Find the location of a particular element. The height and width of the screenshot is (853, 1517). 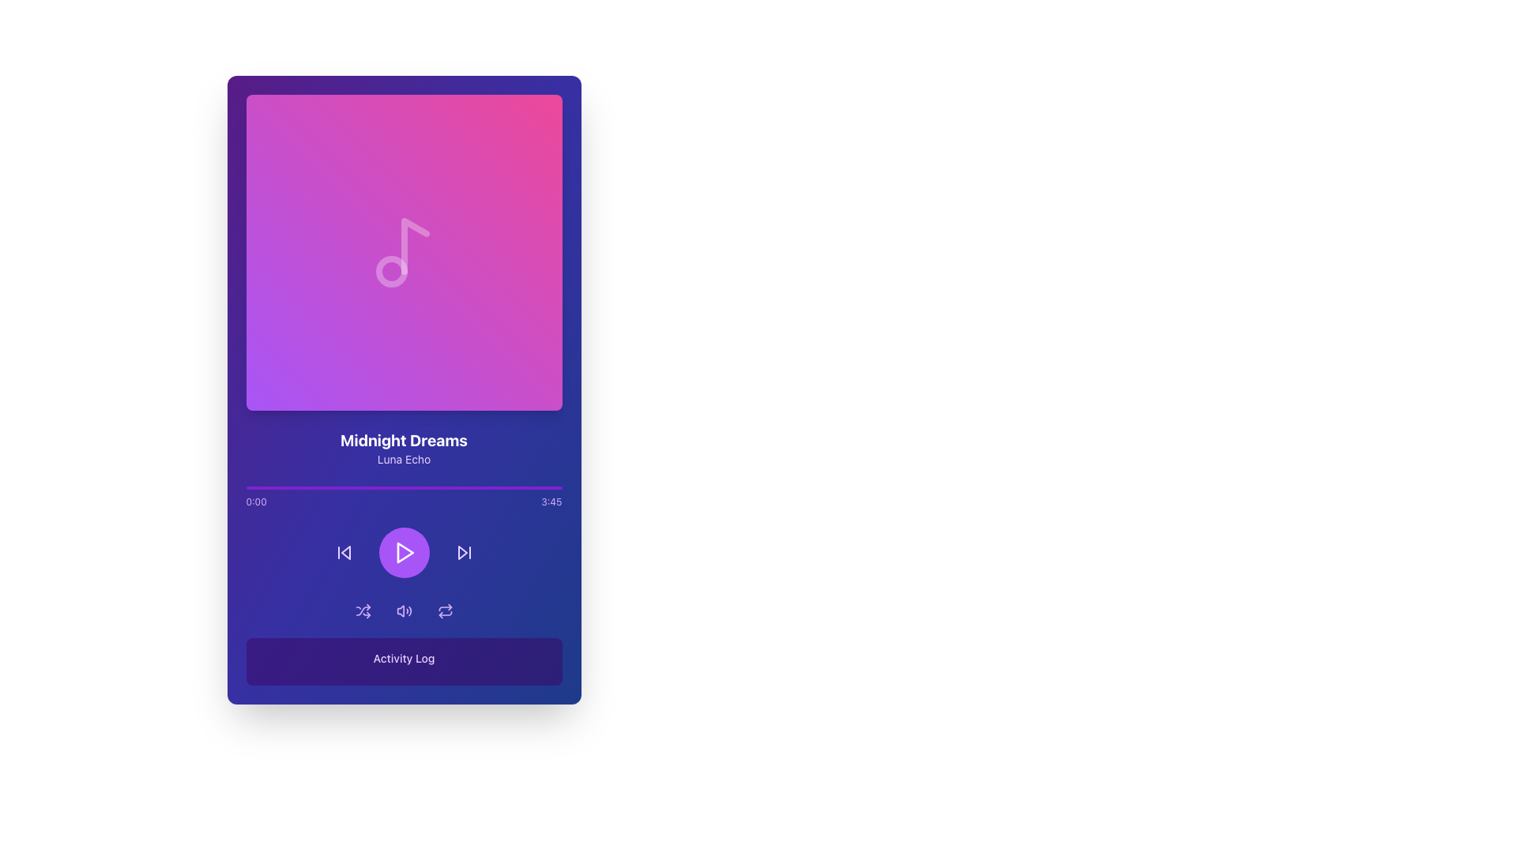

the repeat button icon located at the far-right end of the media control interface to observe the styling change is located at coordinates (444, 611).